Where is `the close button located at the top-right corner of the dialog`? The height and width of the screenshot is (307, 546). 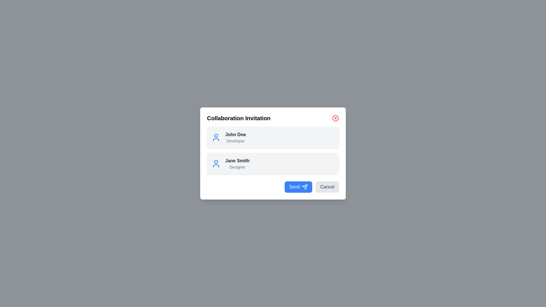
the close button located at the top-right corner of the dialog is located at coordinates (336, 118).